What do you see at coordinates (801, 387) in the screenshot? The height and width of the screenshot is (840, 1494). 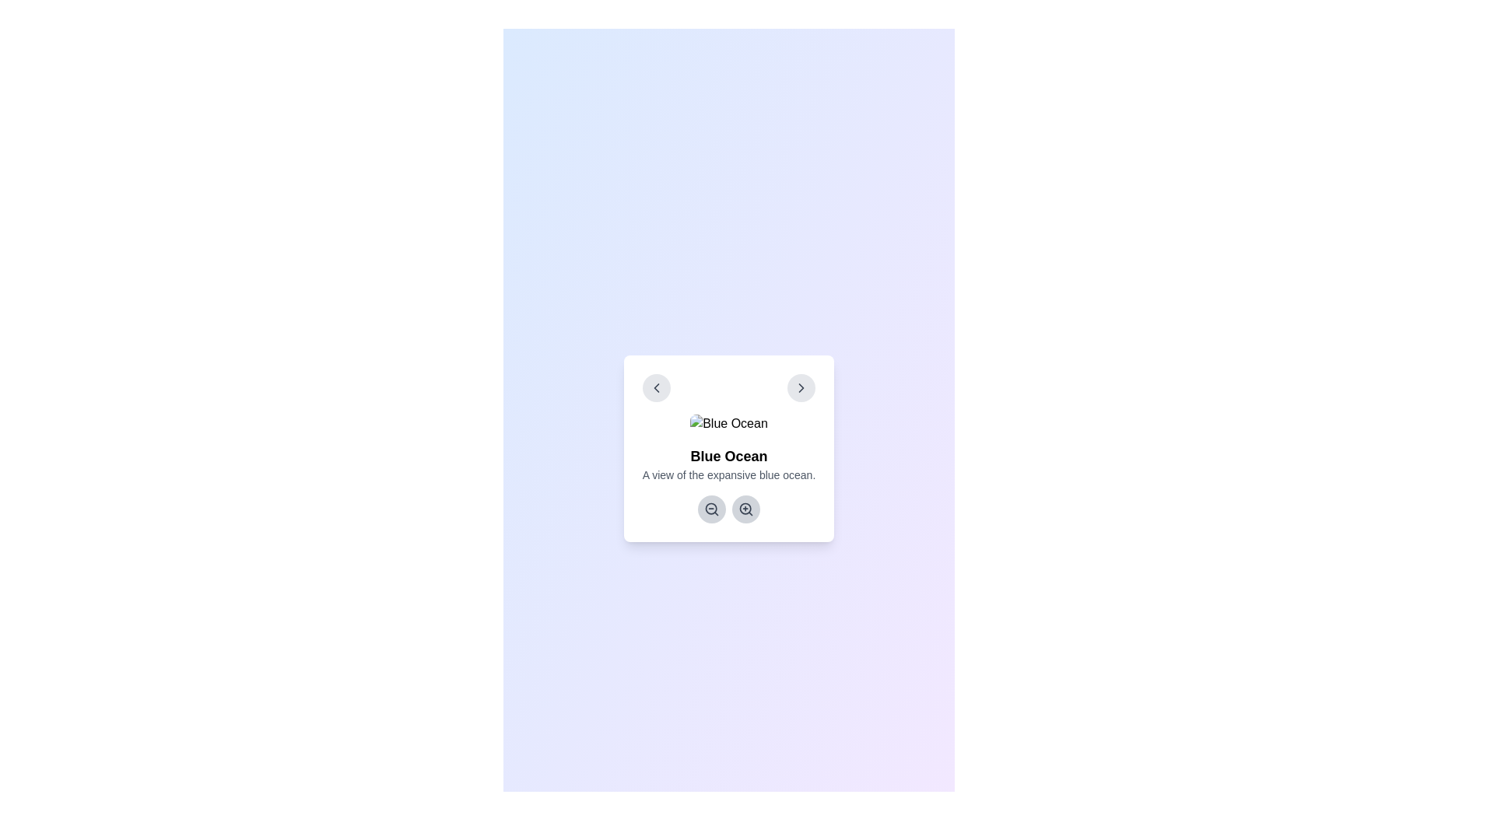 I see `the right-pointing chevron icon button located in the top-right corner of the card component` at bounding box center [801, 387].